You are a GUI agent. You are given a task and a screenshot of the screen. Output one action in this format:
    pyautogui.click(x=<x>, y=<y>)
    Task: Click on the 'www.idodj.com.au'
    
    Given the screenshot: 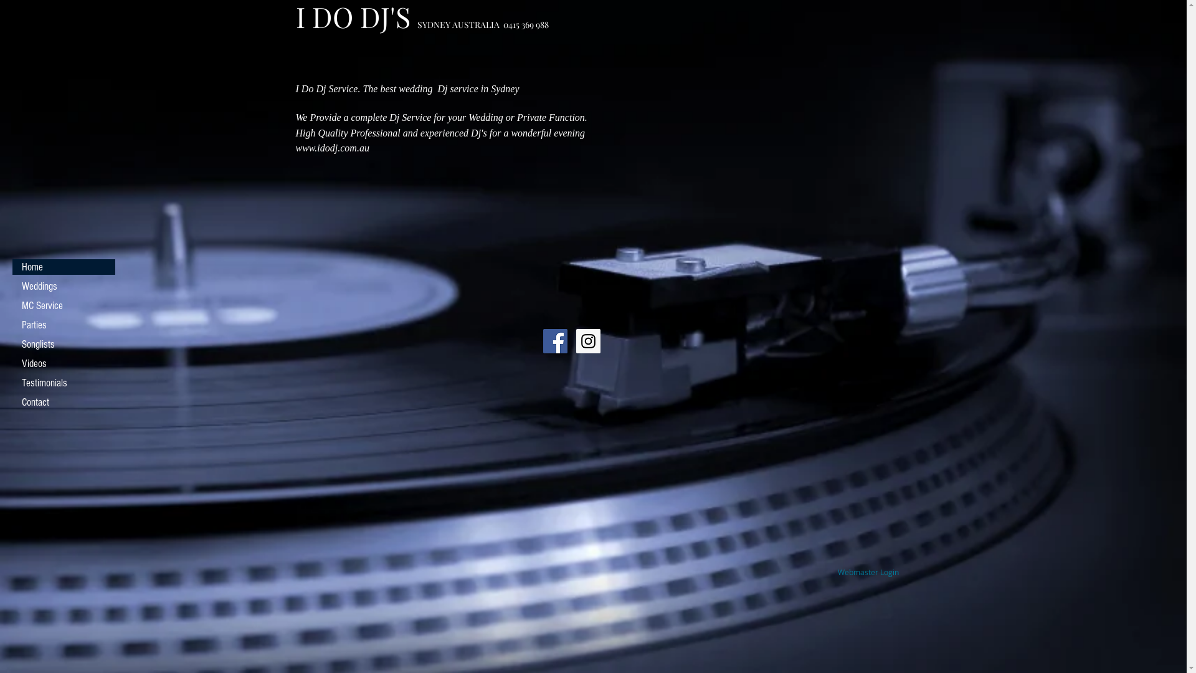 What is the action you would take?
    pyautogui.click(x=331, y=147)
    